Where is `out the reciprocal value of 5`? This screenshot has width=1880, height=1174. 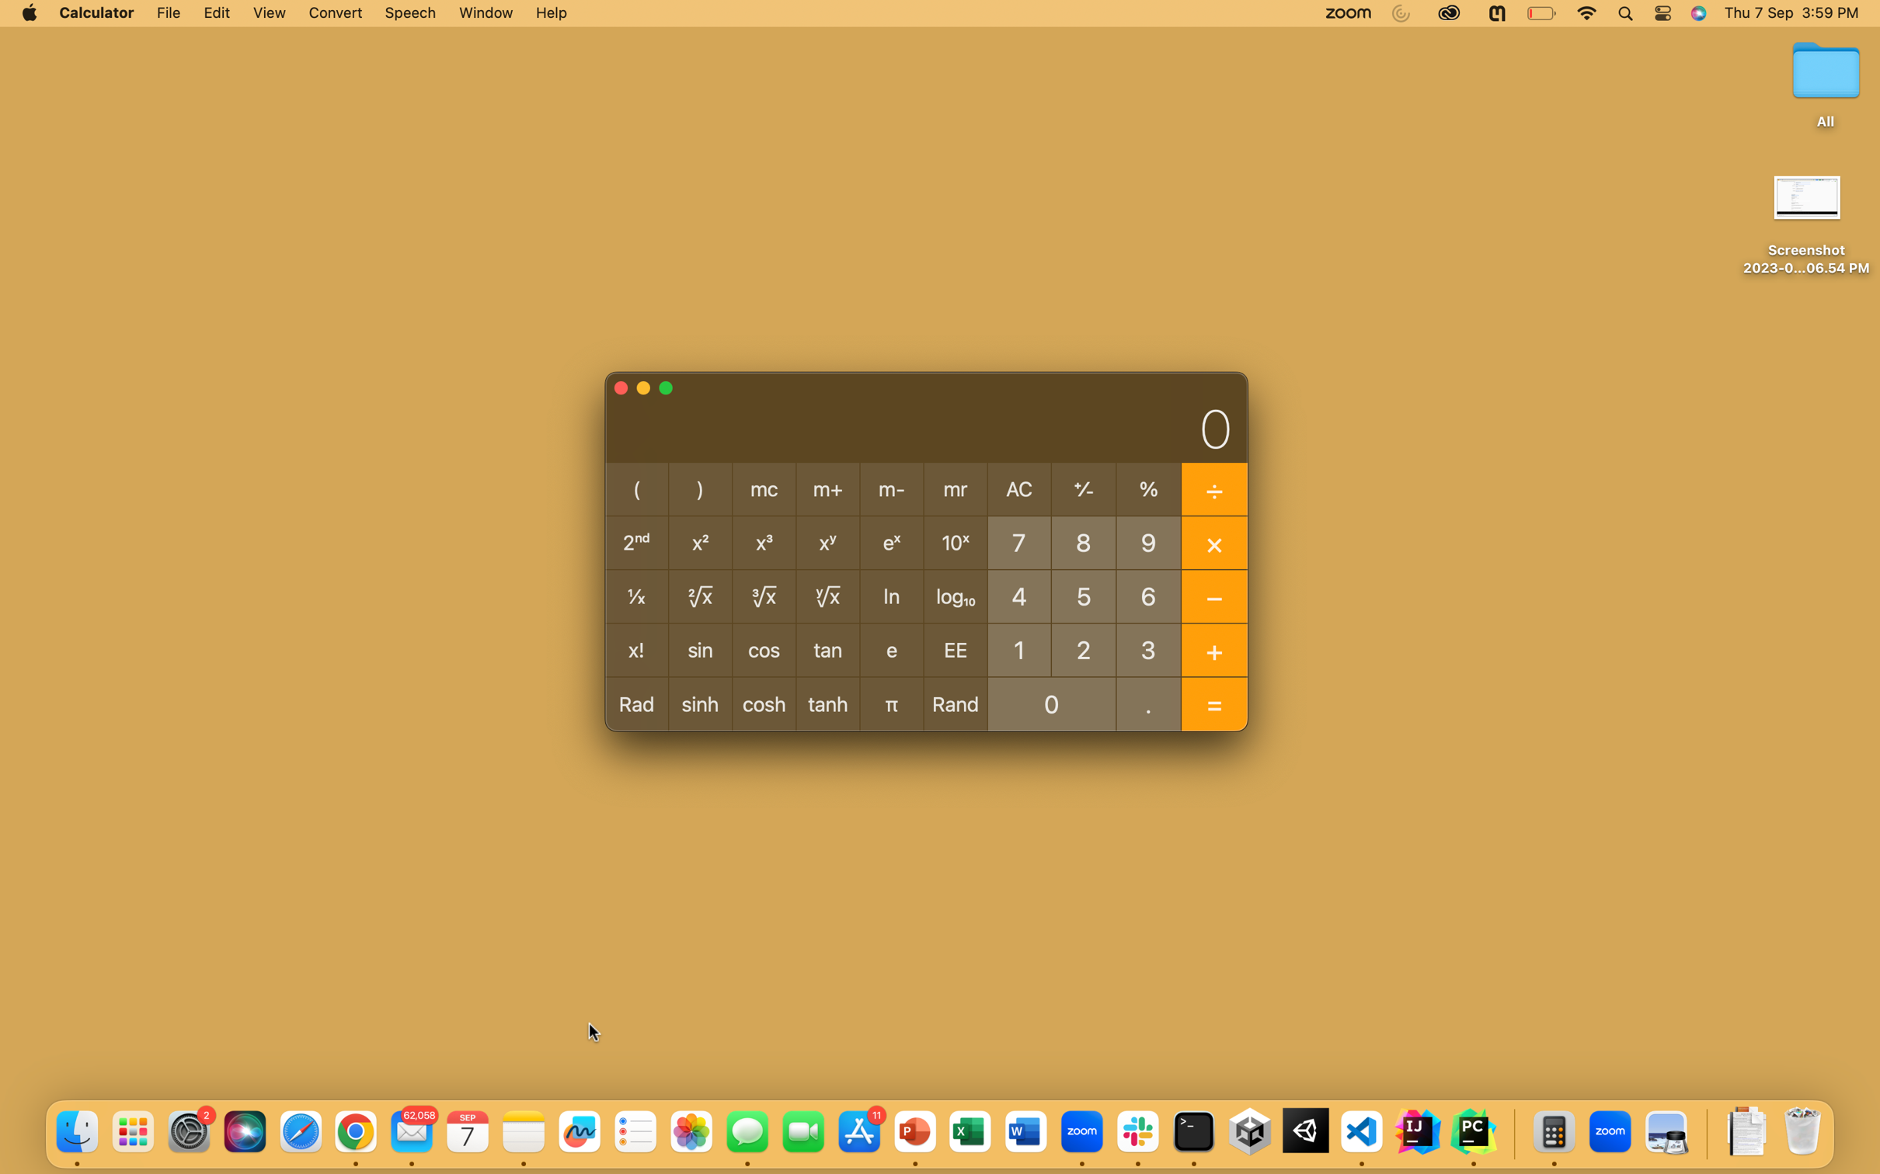
out the reciprocal value of 5 is located at coordinates (1084, 594).